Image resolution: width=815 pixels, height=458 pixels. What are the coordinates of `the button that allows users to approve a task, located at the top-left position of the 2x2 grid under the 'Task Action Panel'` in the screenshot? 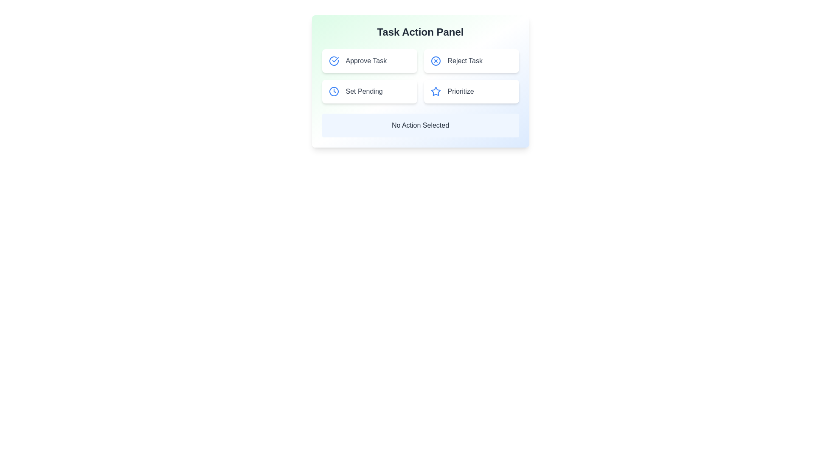 It's located at (369, 60).